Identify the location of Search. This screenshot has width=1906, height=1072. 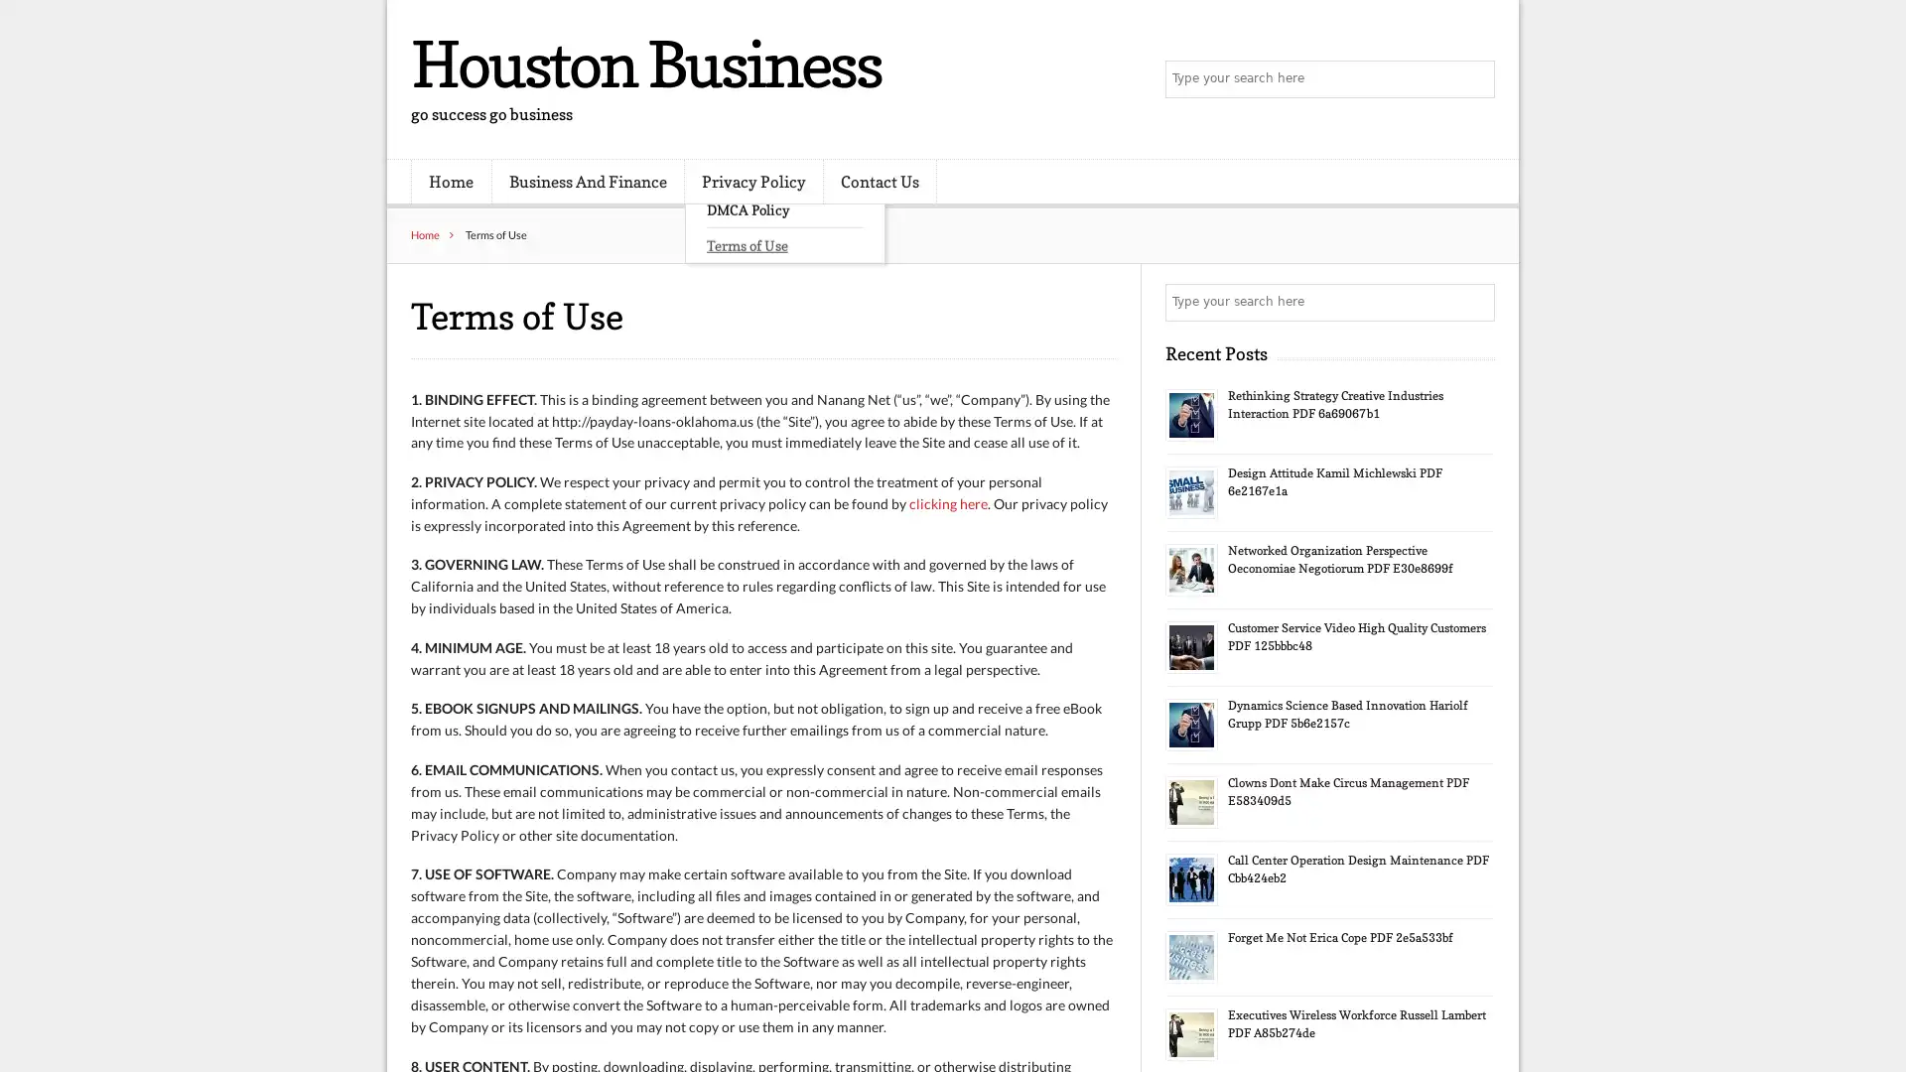
(1474, 79).